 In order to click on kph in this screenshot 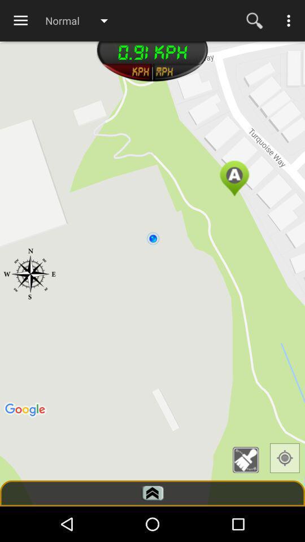, I will do `click(126, 72)`.